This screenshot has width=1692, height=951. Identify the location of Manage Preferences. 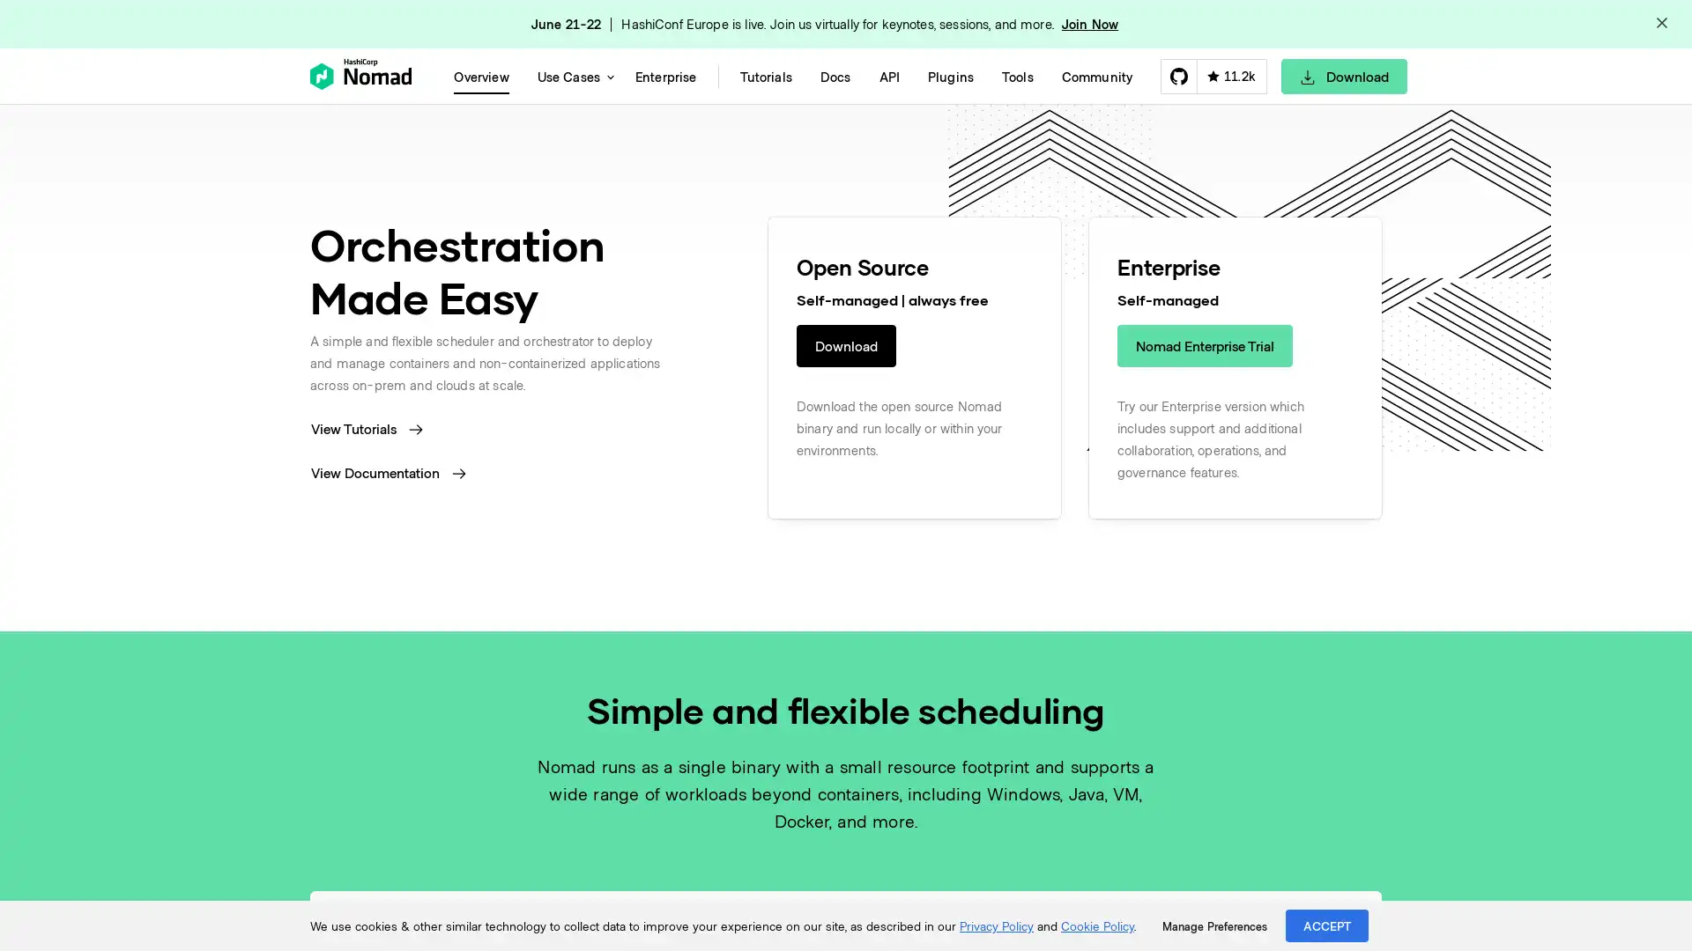
(1213, 925).